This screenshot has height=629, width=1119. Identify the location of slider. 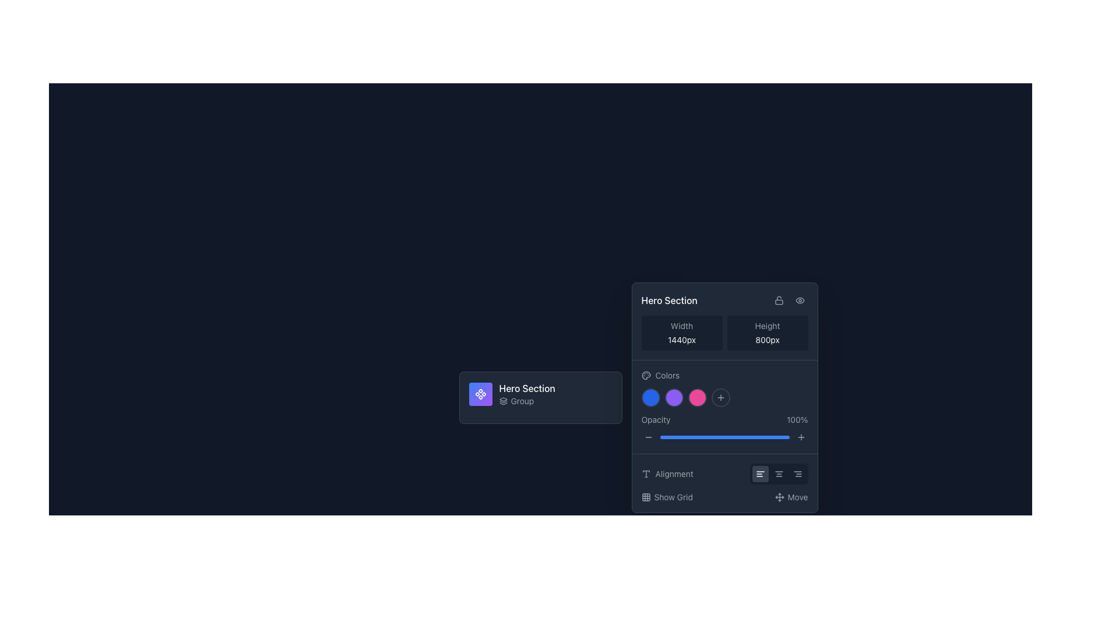
(741, 437).